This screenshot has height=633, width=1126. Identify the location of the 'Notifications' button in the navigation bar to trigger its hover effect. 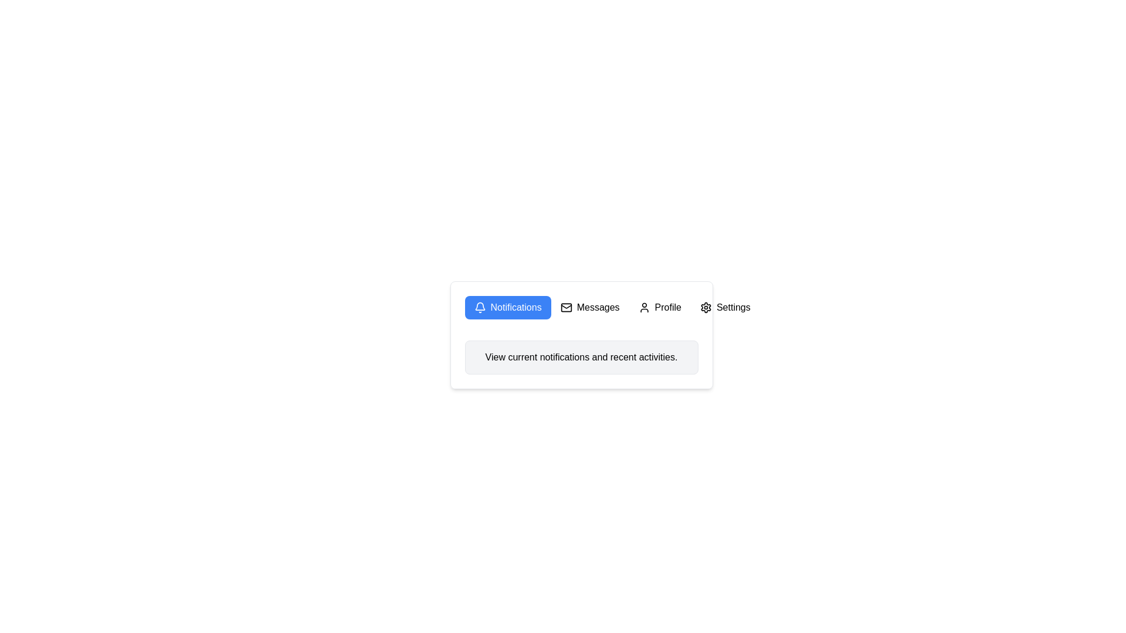
(581, 307).